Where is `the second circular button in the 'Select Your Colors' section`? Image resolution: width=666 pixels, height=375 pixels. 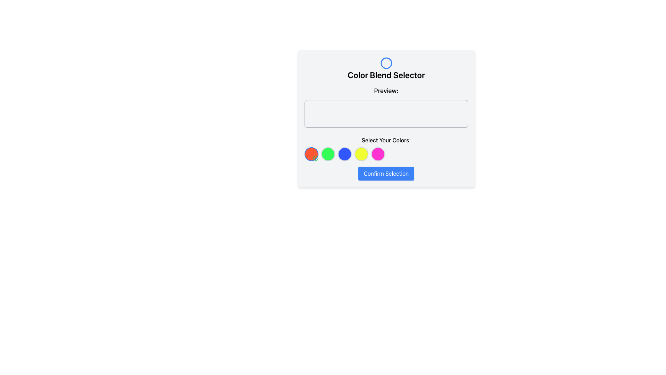
the second circular button in the 'Select Your Colors' section is located at coordinates (327, 153).